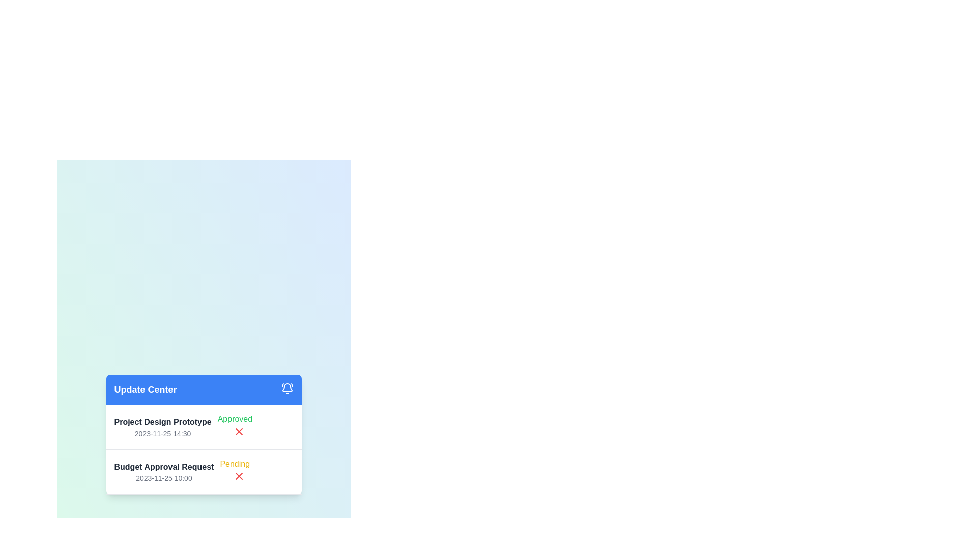 The image size is (977, 549). I want to click on the negative action icon located to the right of the 'Approved' label in the 'Project Design Prototype' row, so click(238, 476).